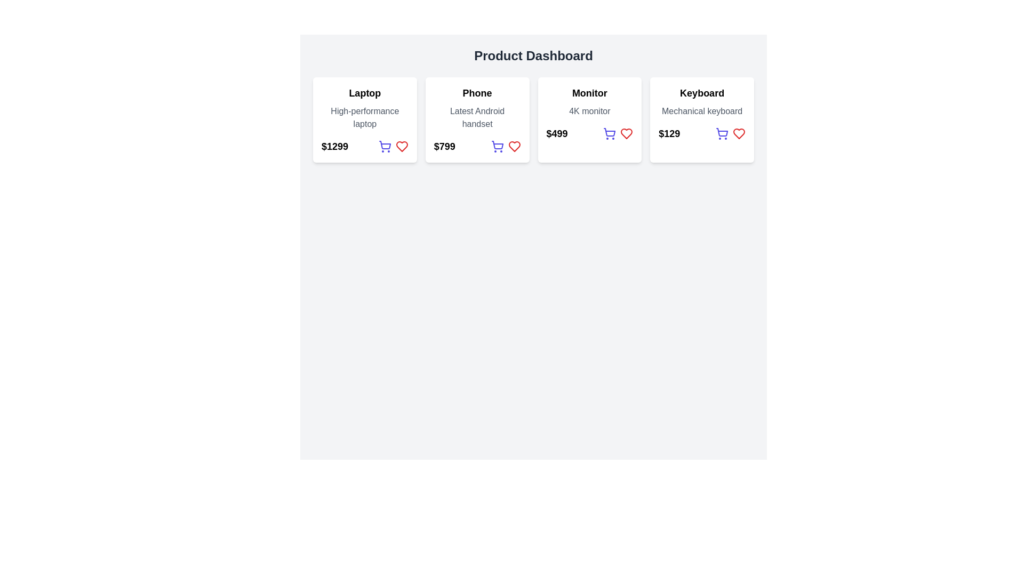  Describe the element at coordinates (669, 133) in the screenshot. I see `the price text element displaying the product cost ($129) located in the lower section of the 'Keyboard' product card` at that location.